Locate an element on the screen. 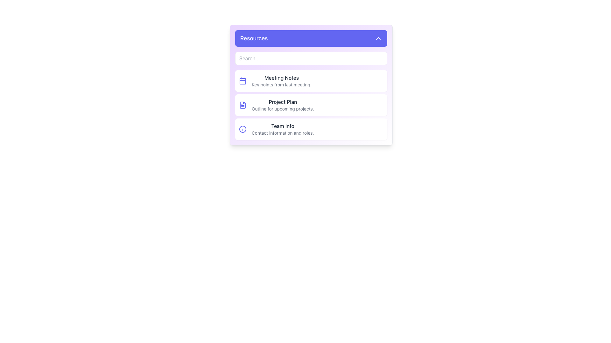  the informational icon located at the leftmost position of the 'Team Info' card, adjacent to the text 'Team Info, Contact information and roles.' is located at coordinates (242, 129).